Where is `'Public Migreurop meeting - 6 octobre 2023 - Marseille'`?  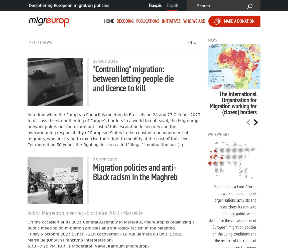
'Public Migreurop meeting - 6 octobre 2023 - Marseille' is located at coordinates (85, 212).